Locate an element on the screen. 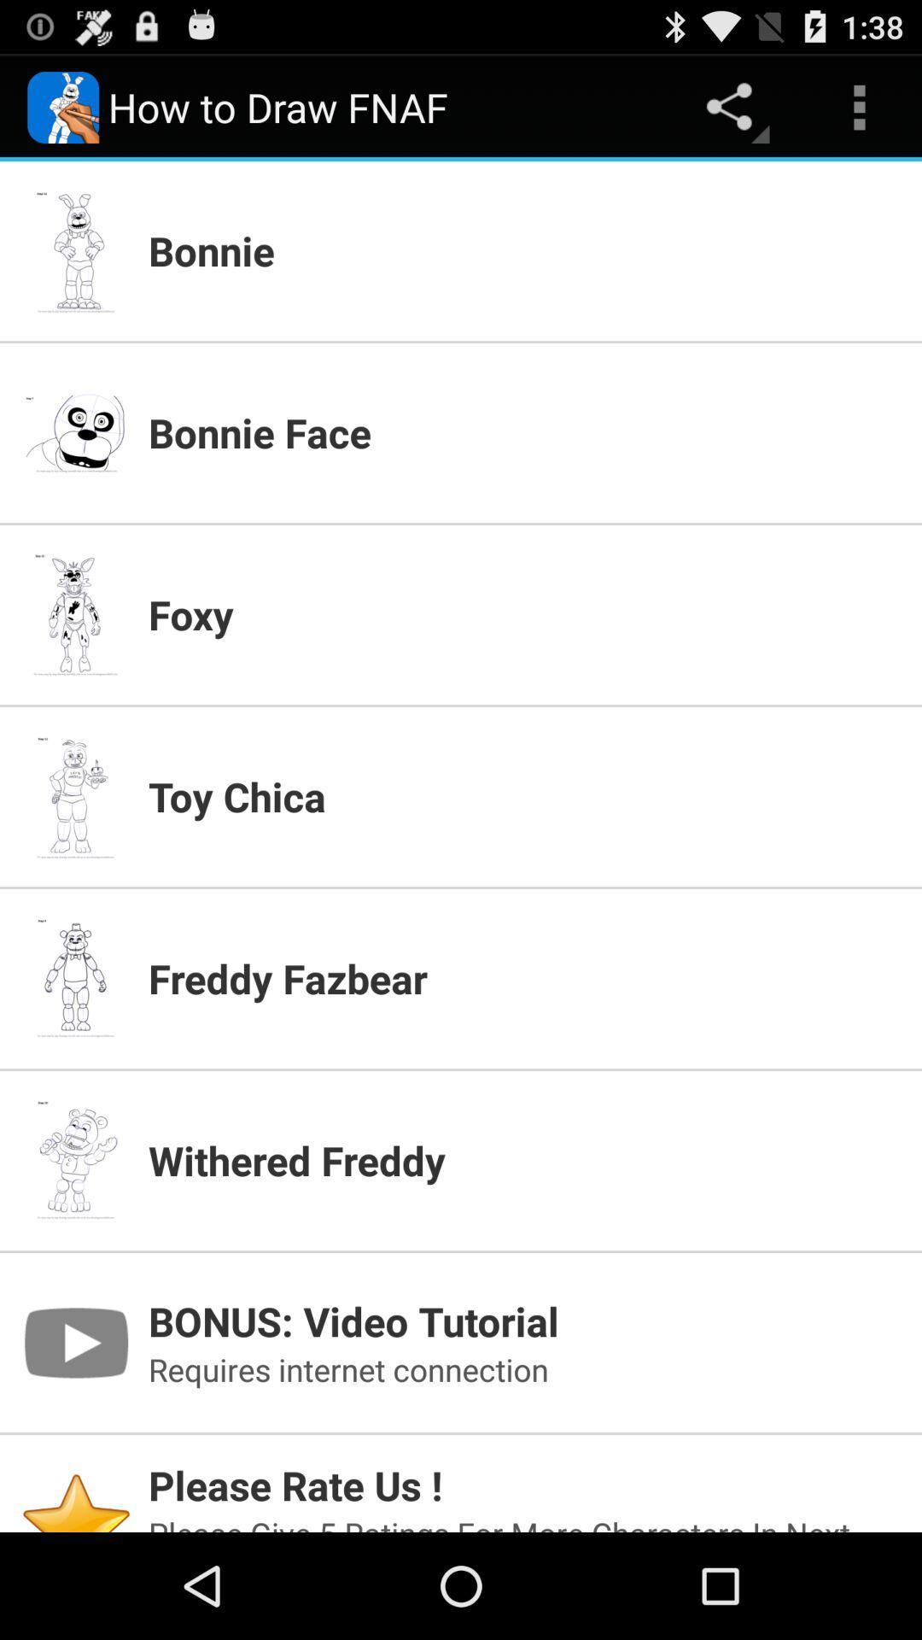  bonnie face item is located at coordinates (523, 432).